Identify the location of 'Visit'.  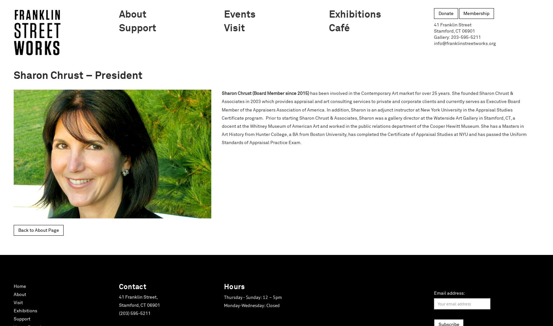
(18, 303).